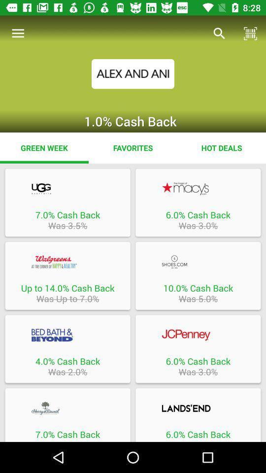  Describe the element at coordinates (67, 335) in the screenshot. I see `open this card` at that location.